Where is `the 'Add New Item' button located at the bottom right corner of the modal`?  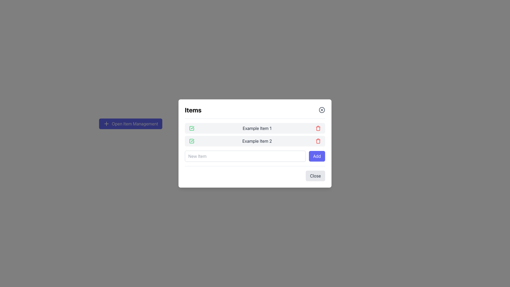
the 'Add New Item' button located at the bottom right corner of the modal is located at coordinates (317, 156).